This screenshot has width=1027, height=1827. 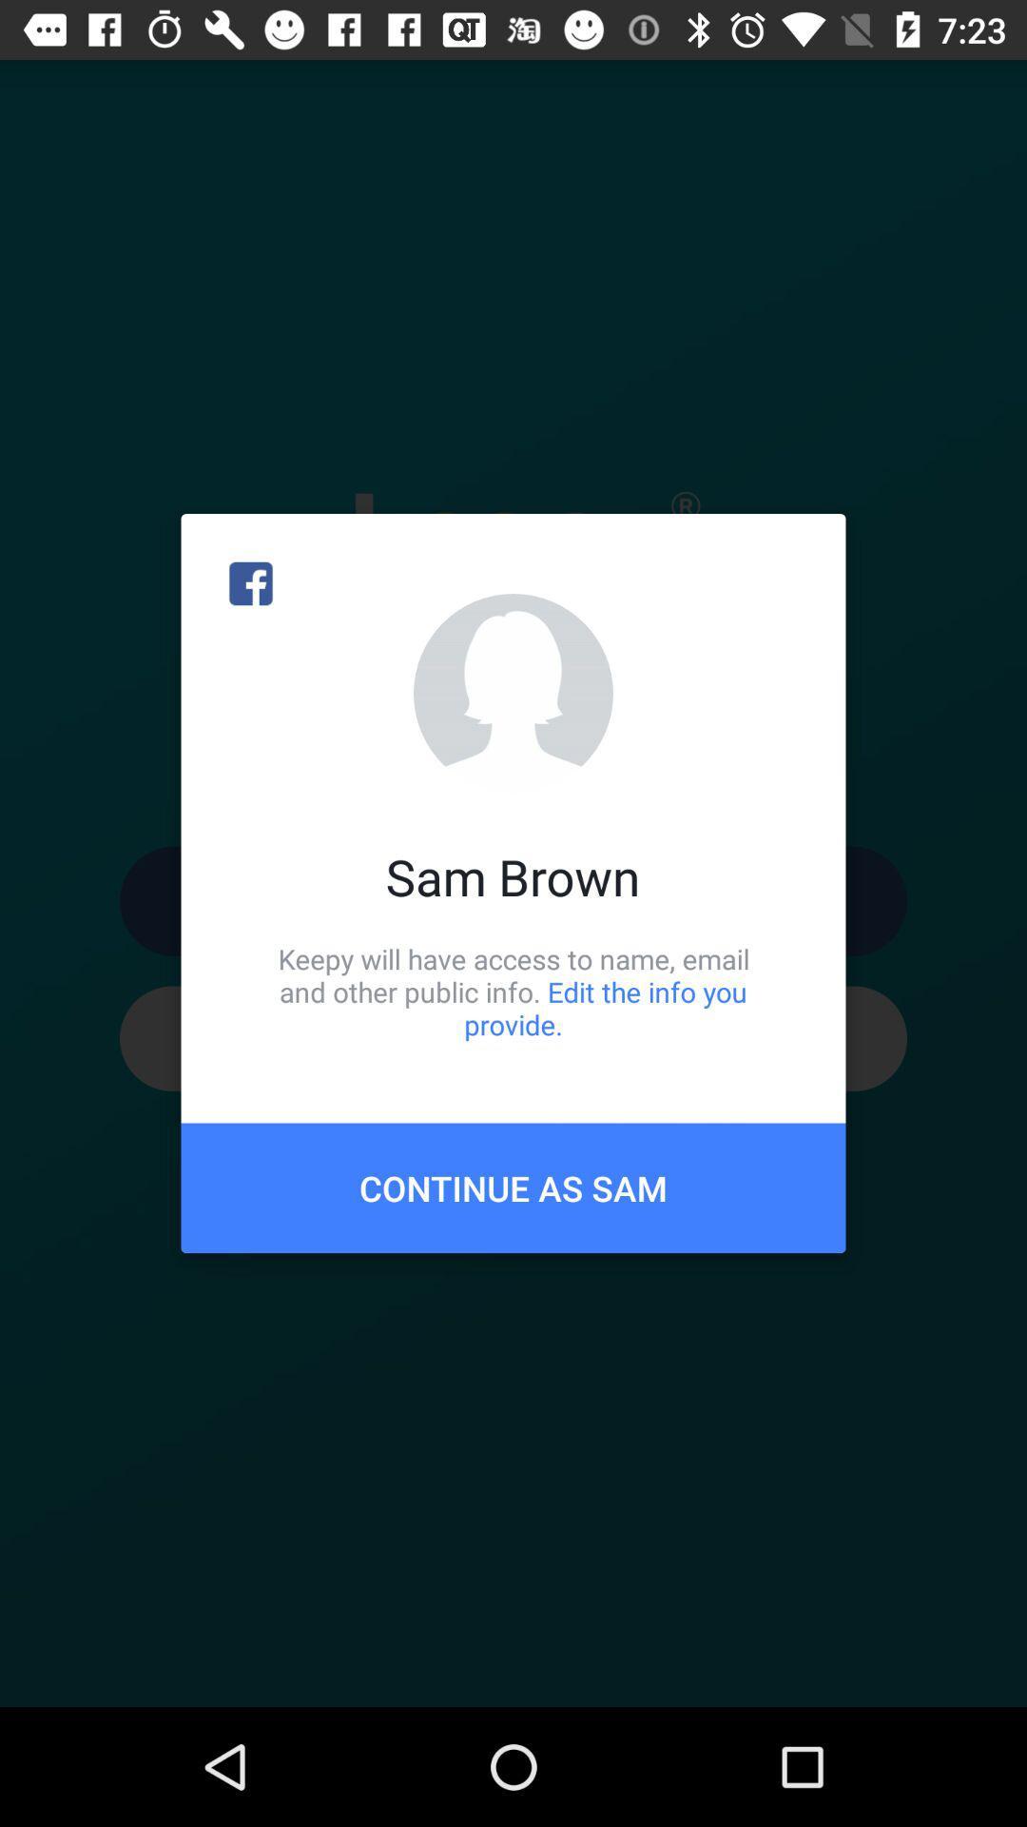 I want to click on the keepy will have, so click(x=513, y=991).